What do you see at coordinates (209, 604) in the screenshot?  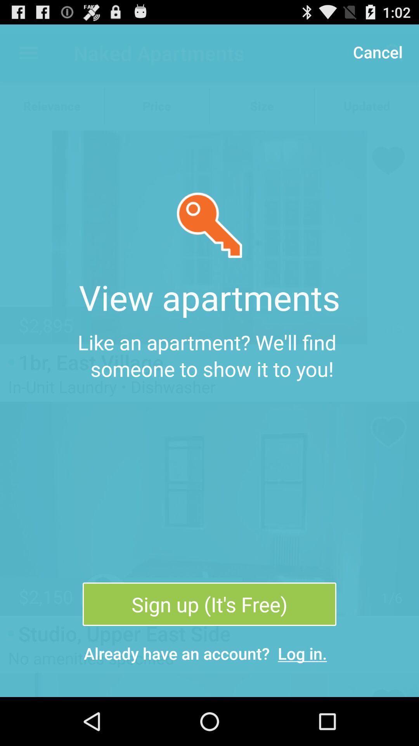 I see `sign up it icon` at bounding box center [209, 604].